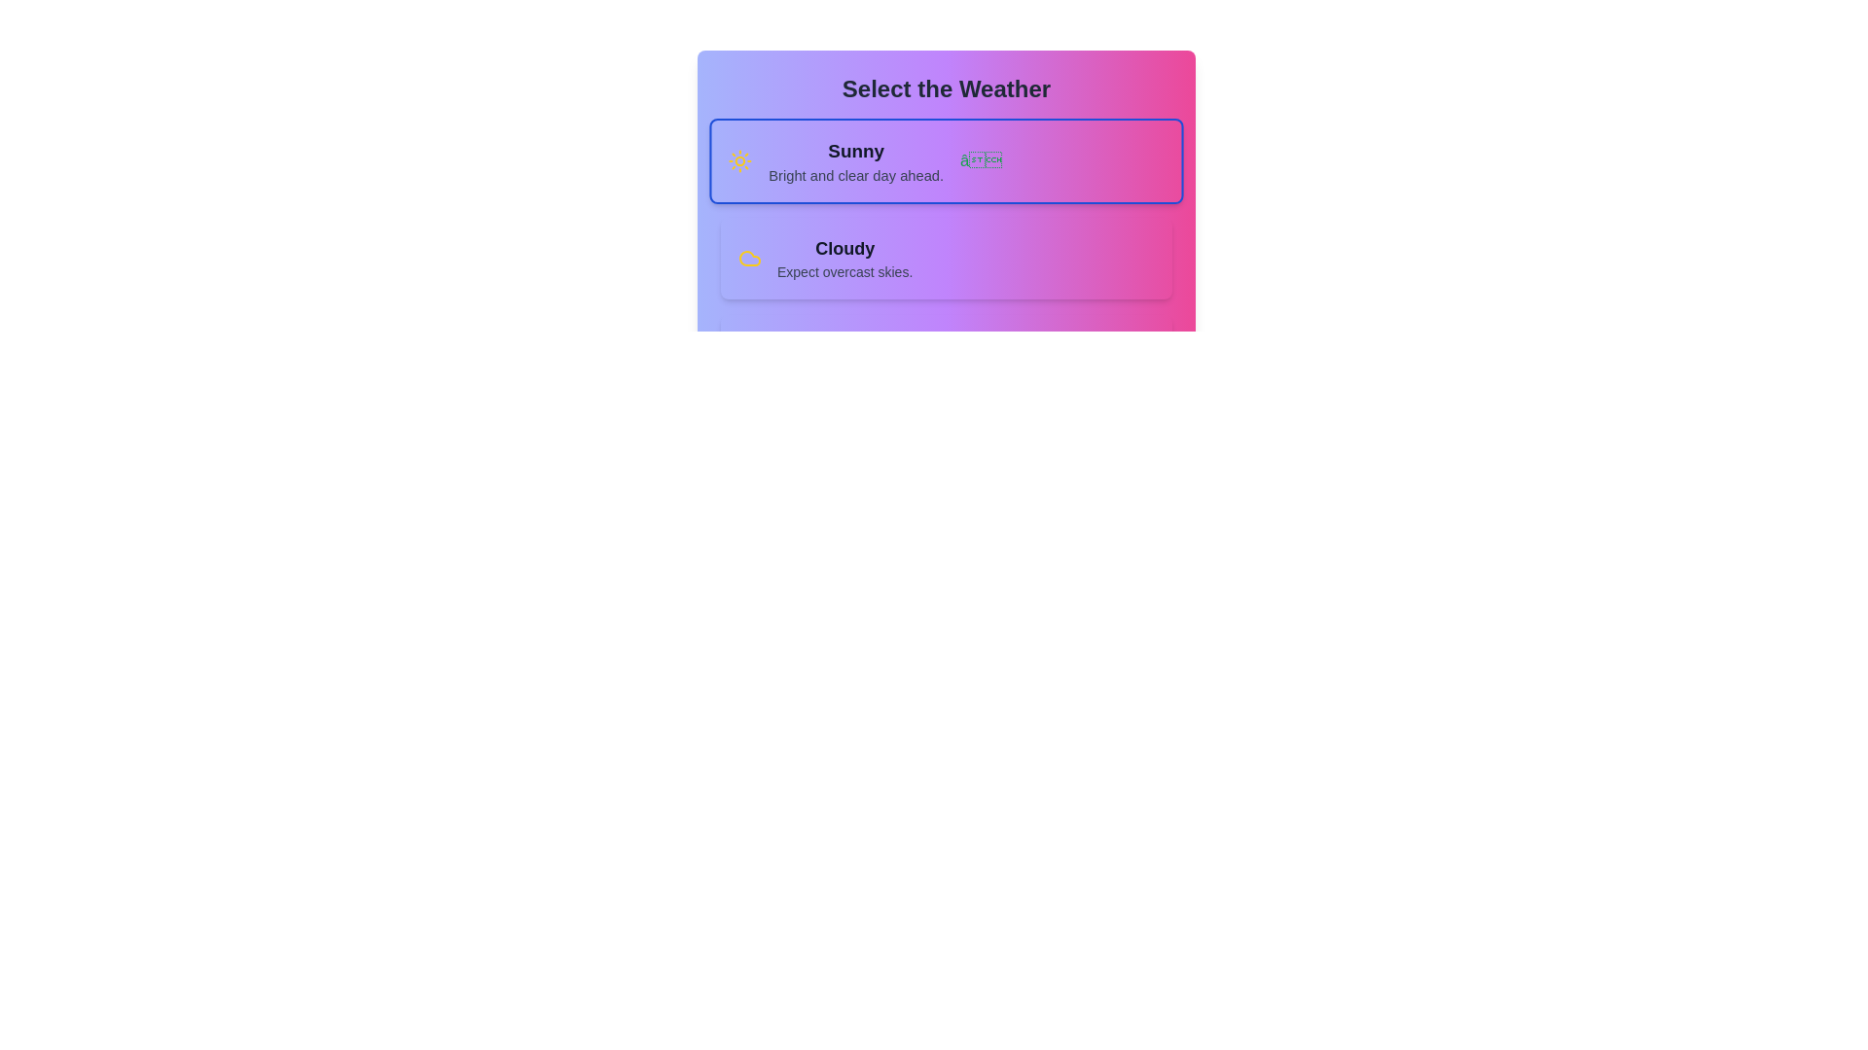 Image resolution: width=1868 pixels, height=1050 pixels. Describe the element at coordinates (972, 159) in the screenshot. I see `the green checkmark icon located at the far right of the 'Sunny' card, slightly above the middle line` at that location.